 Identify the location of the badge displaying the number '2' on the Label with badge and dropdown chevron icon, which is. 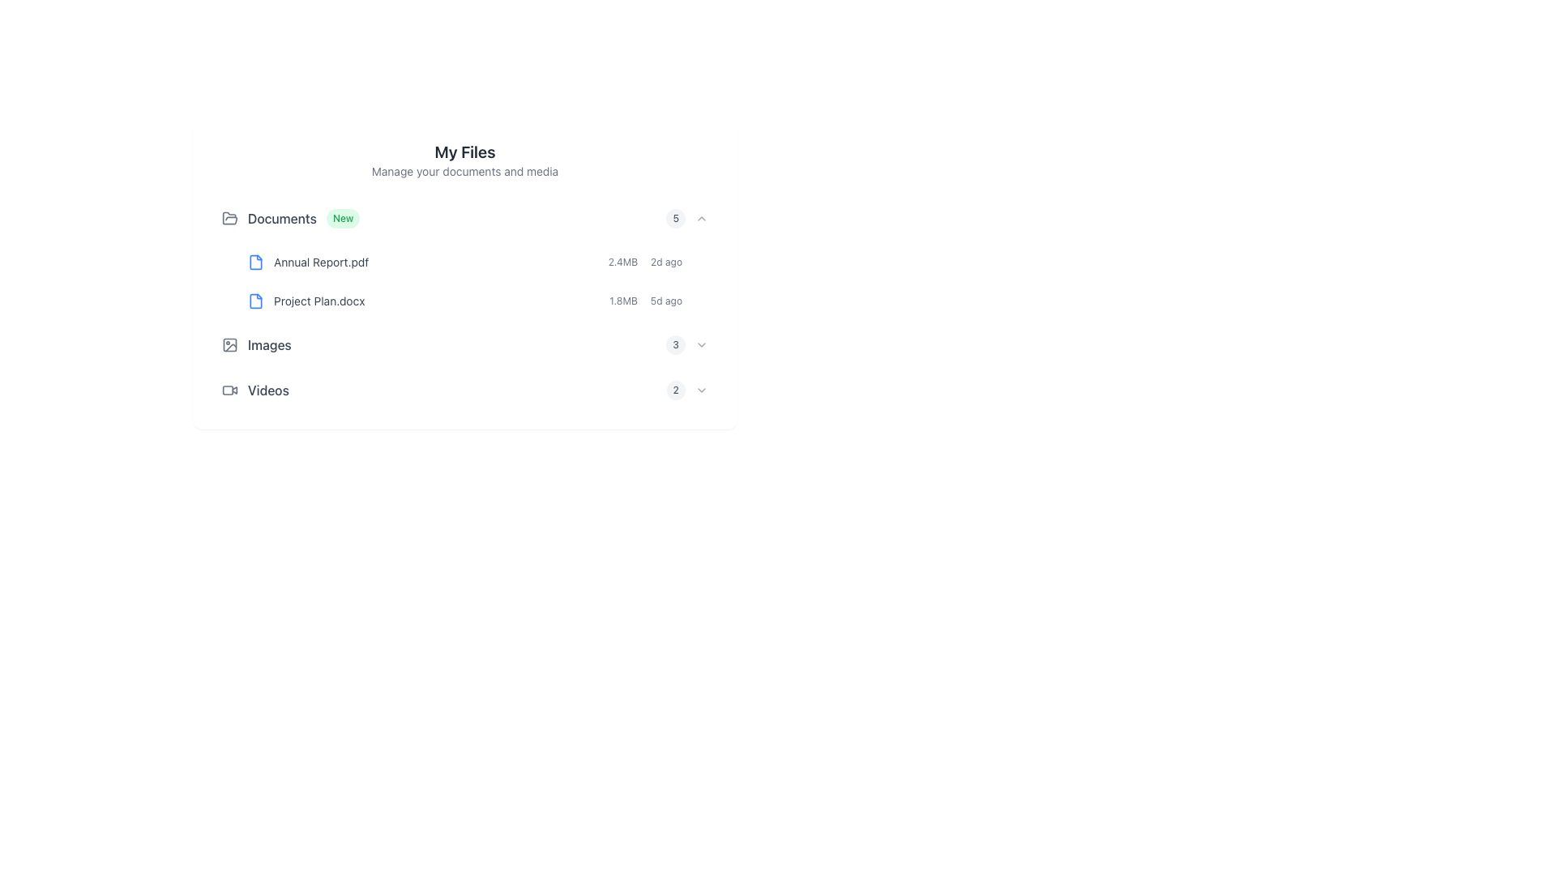
(687, 391).